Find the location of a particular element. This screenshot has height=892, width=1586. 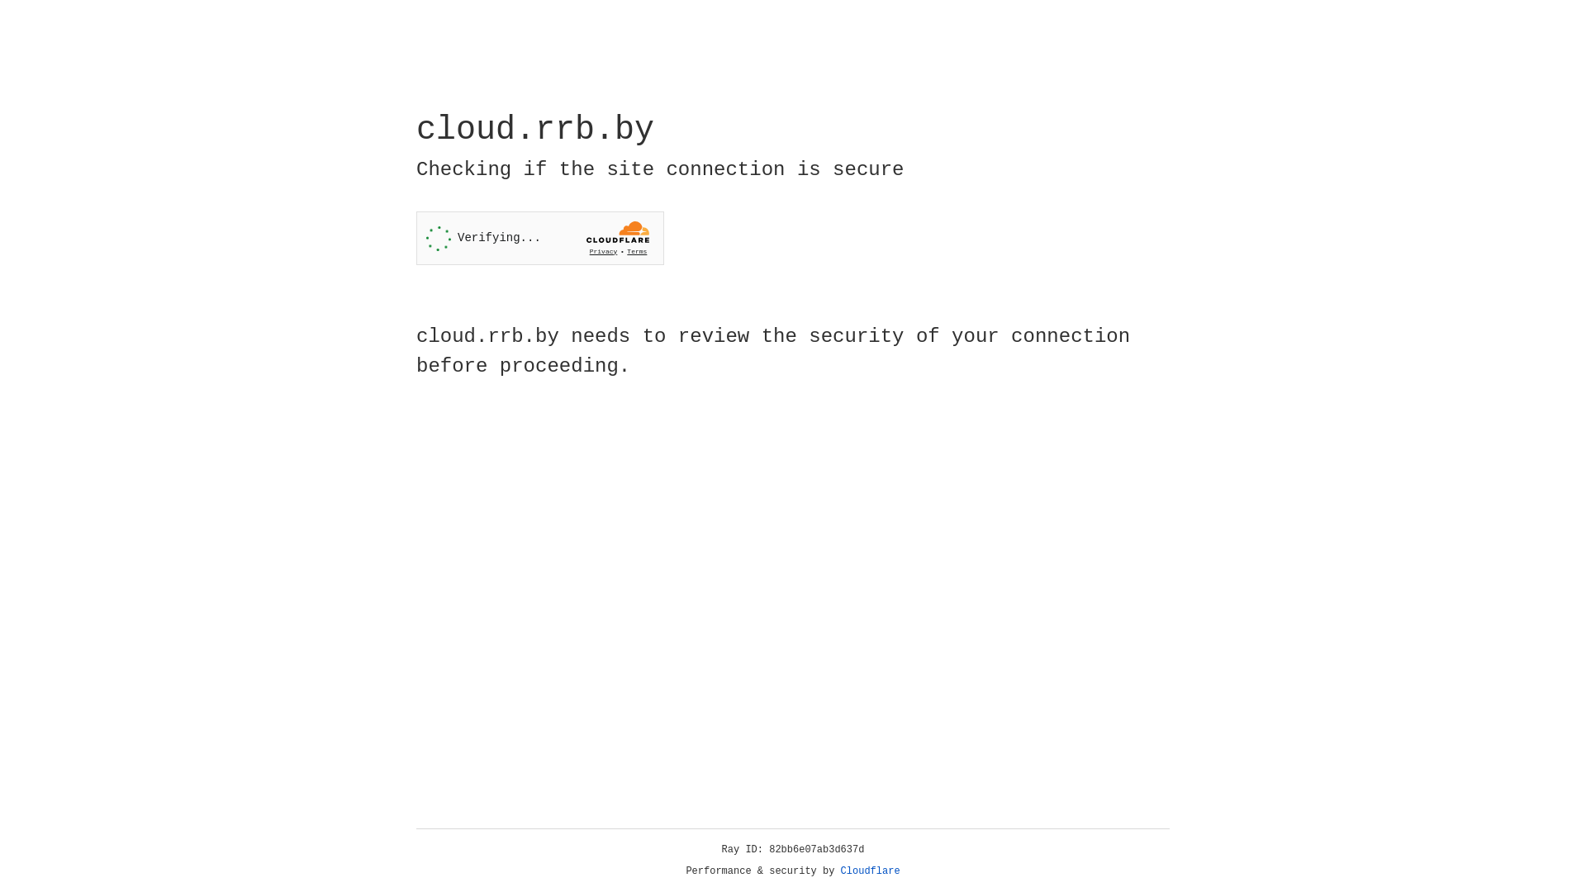

'Cloudflare' is located at coordinates (870, 871).